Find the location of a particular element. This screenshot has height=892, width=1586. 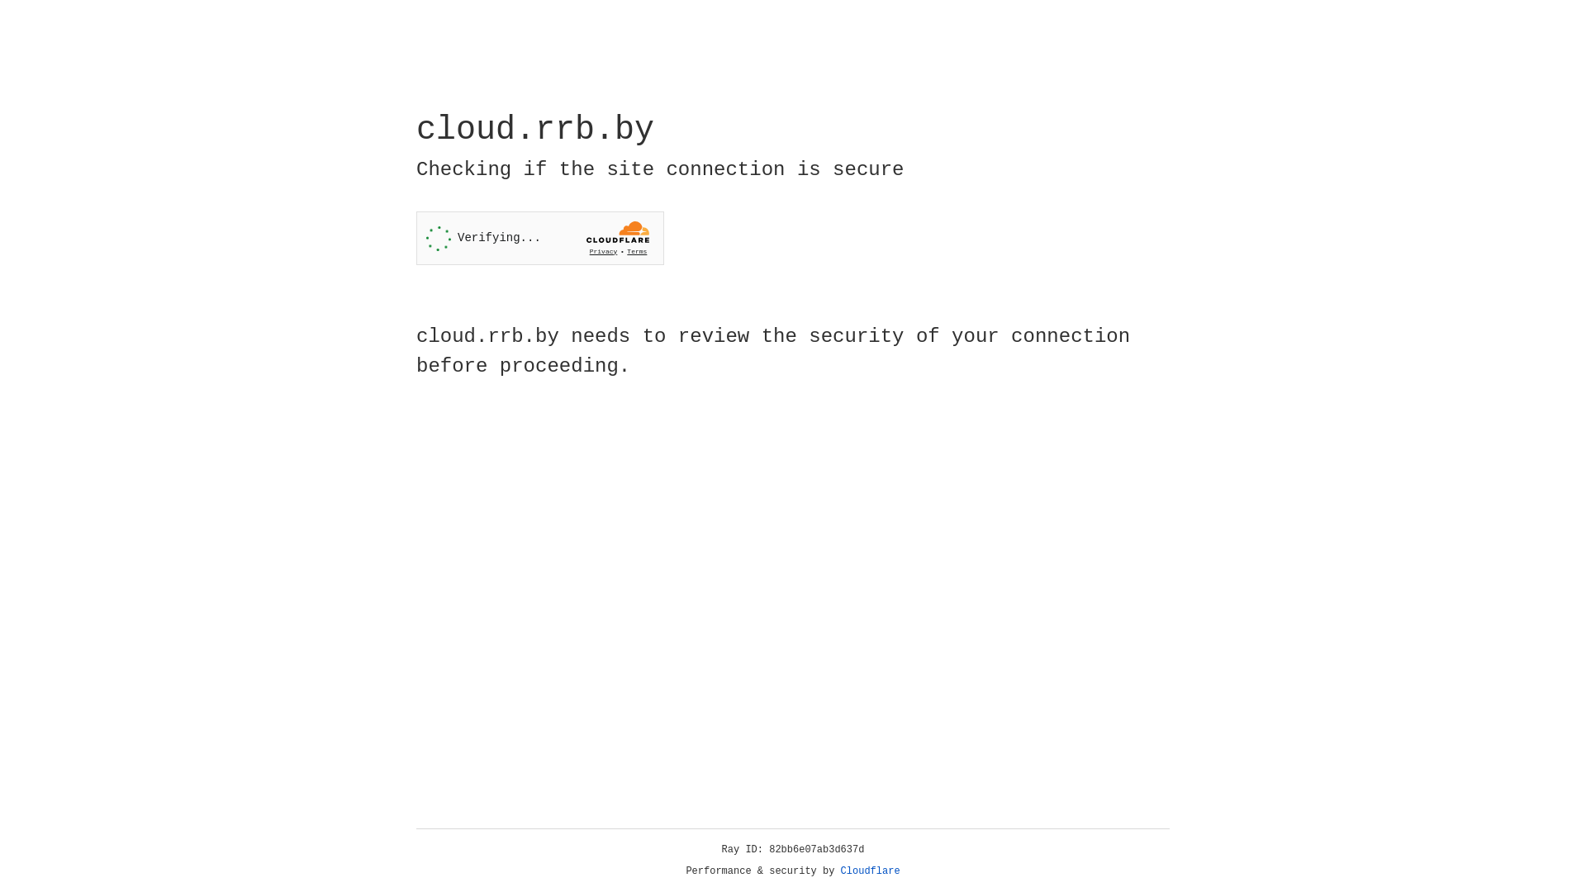

'Cloudflare' is located at coordinates (870, 871).